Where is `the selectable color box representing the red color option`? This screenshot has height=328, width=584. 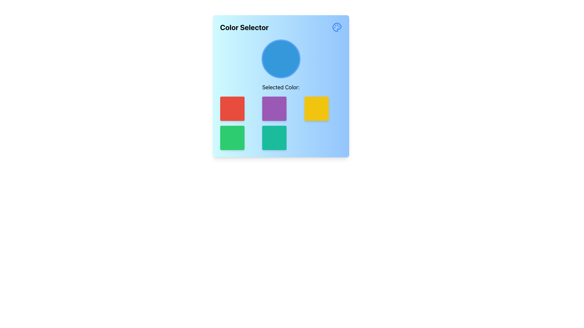 the selectable color box representing the red color option is located at coordinates (238, 108).